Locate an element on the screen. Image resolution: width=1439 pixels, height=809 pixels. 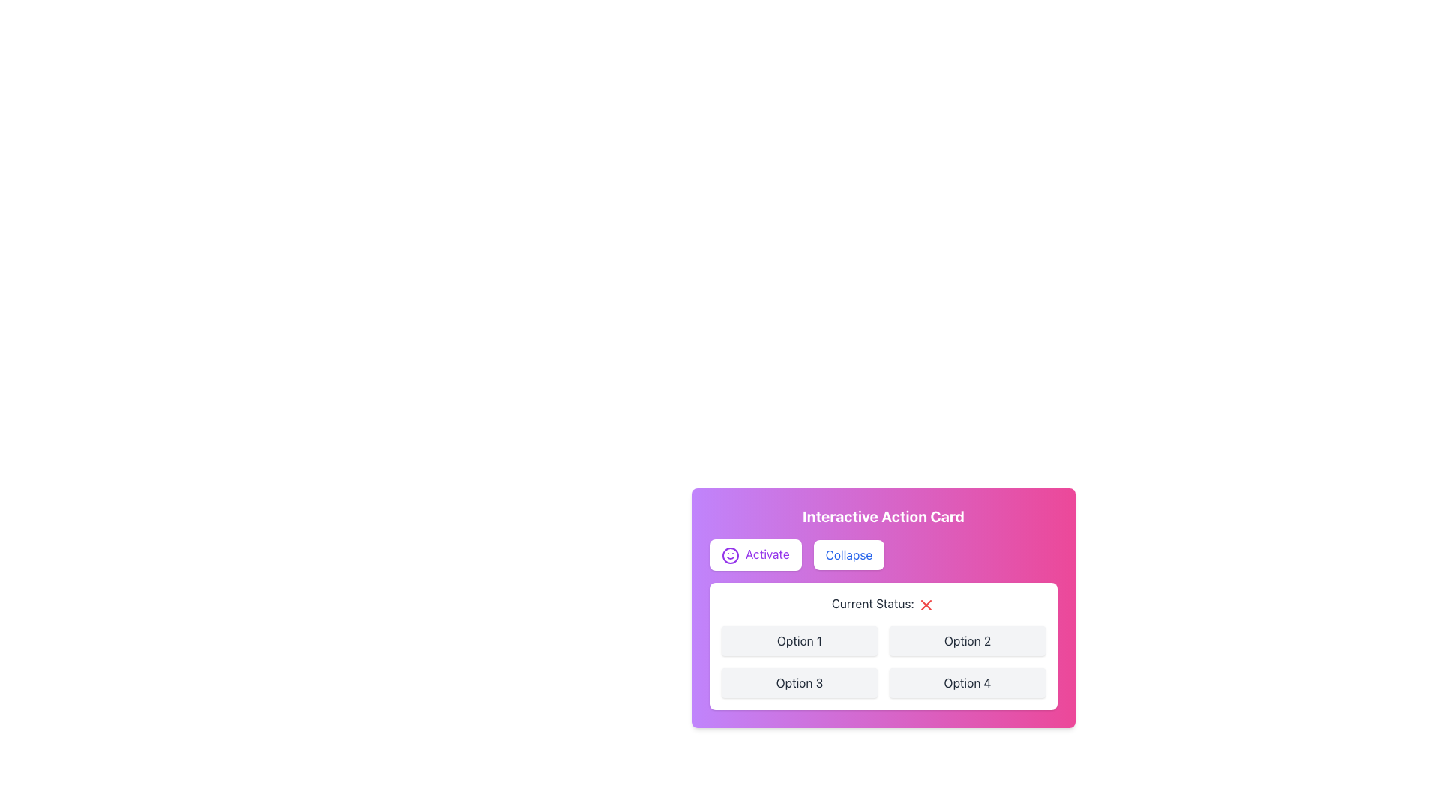
the 'Option 1' text element located in the first column of the first row of a 2x2 grid, directly below the 'Current Status' label is located at coordinates (798, 640).